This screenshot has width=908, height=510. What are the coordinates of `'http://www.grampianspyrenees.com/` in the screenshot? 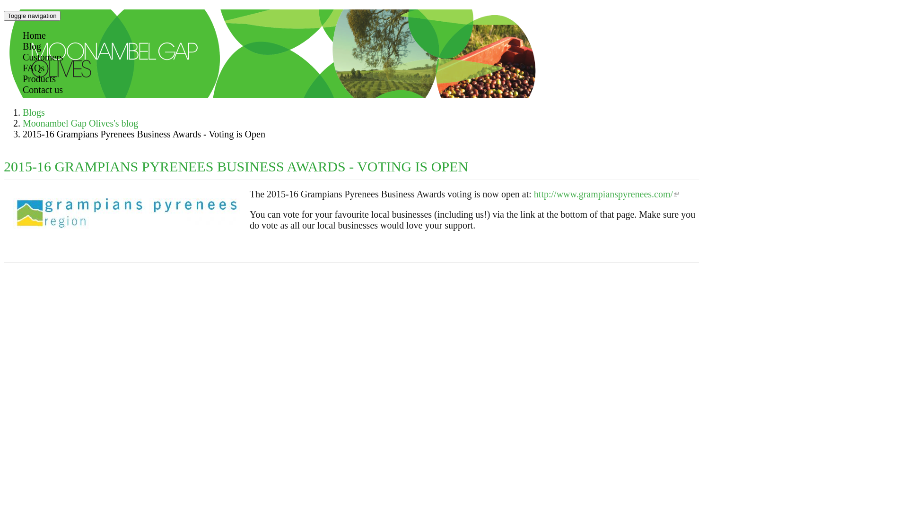 It's located at (606, 194).